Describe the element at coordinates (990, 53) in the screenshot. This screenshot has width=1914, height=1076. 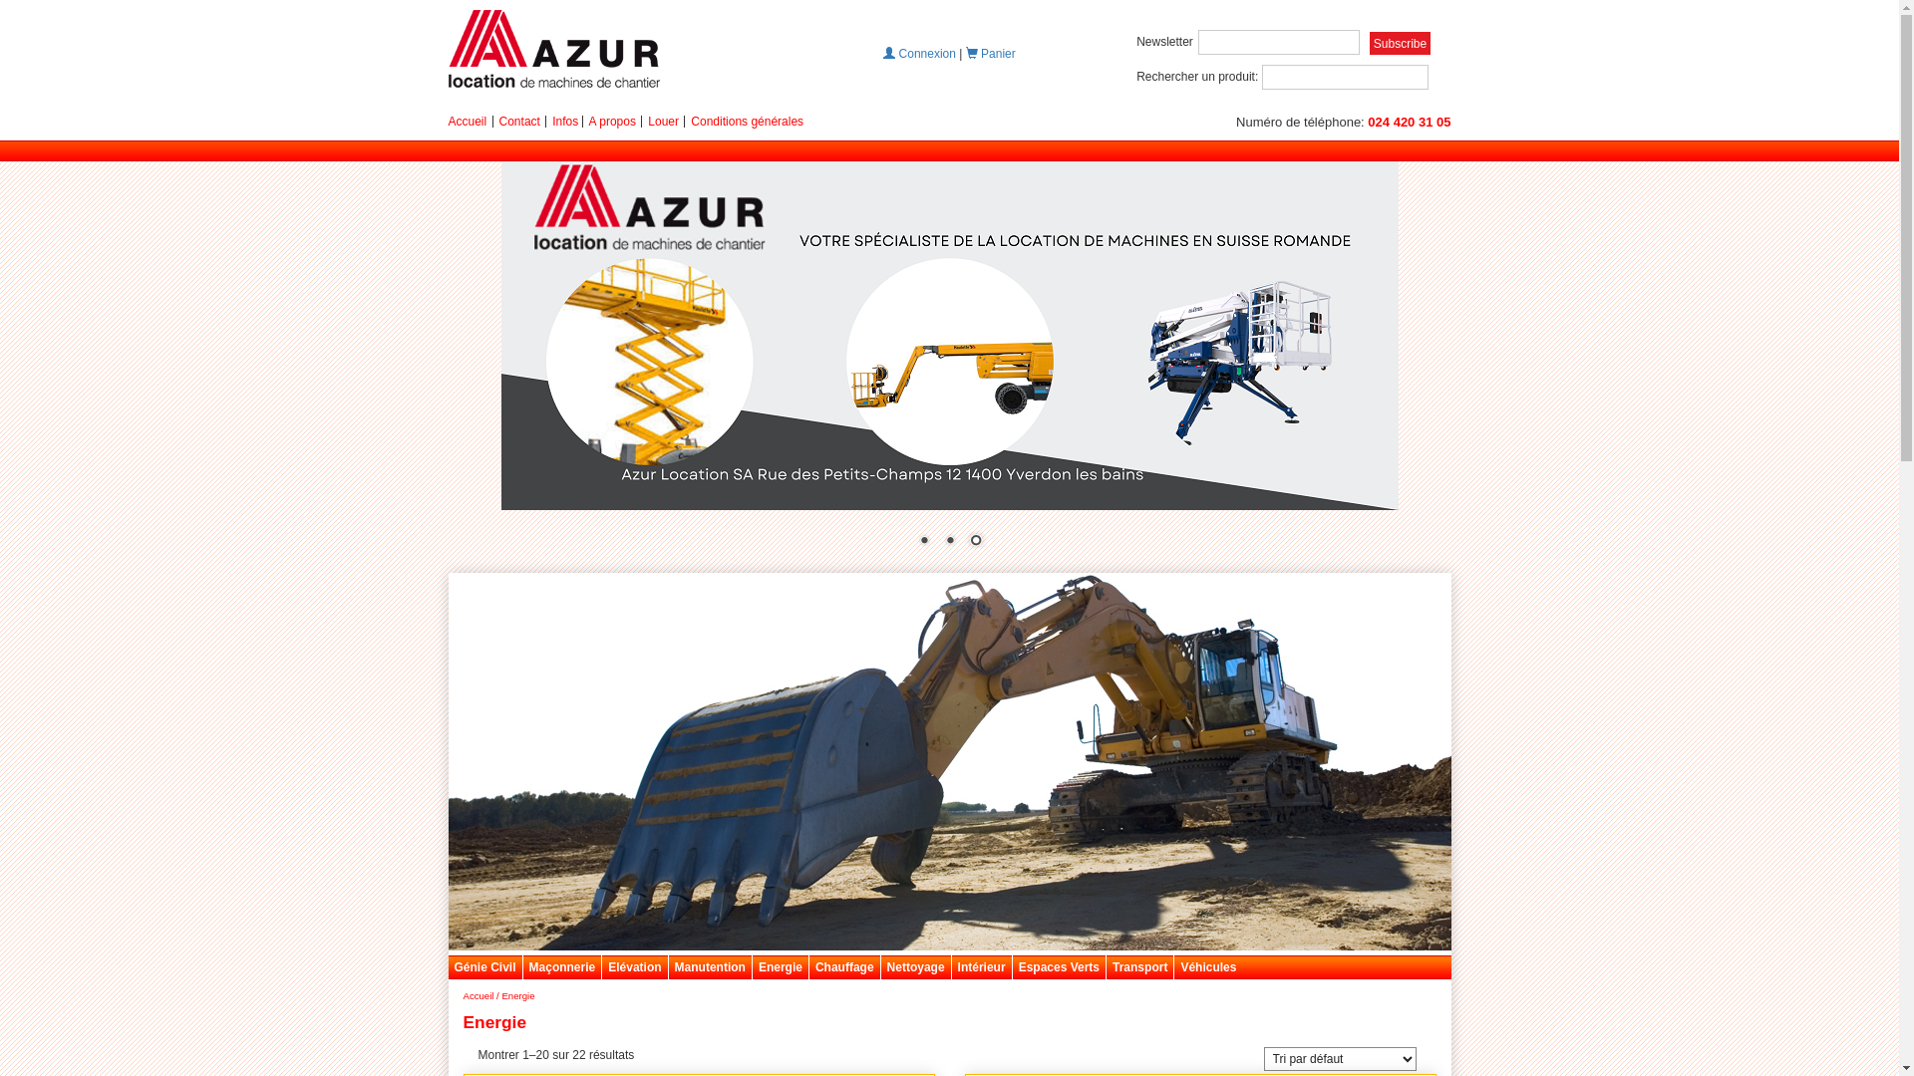
I see `'Panier'` at that location.